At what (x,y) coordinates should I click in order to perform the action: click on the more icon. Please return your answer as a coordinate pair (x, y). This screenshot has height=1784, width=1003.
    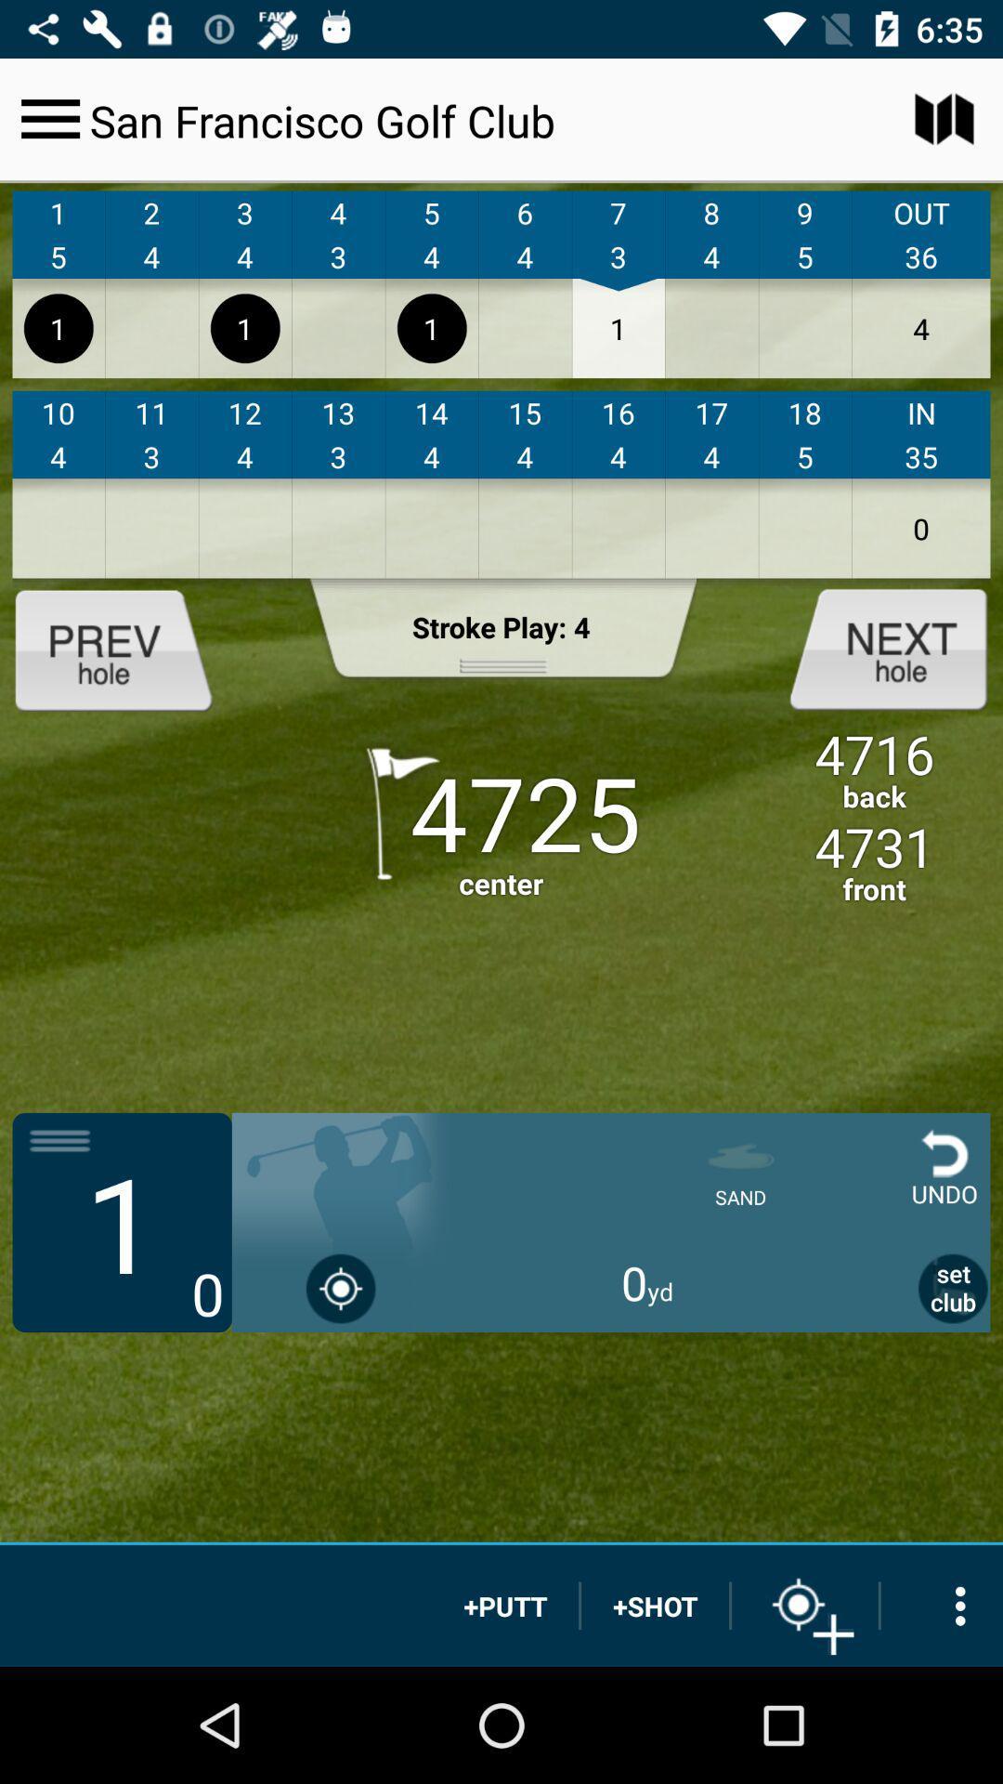
    Looking at the image, I should click on (942, 1605).